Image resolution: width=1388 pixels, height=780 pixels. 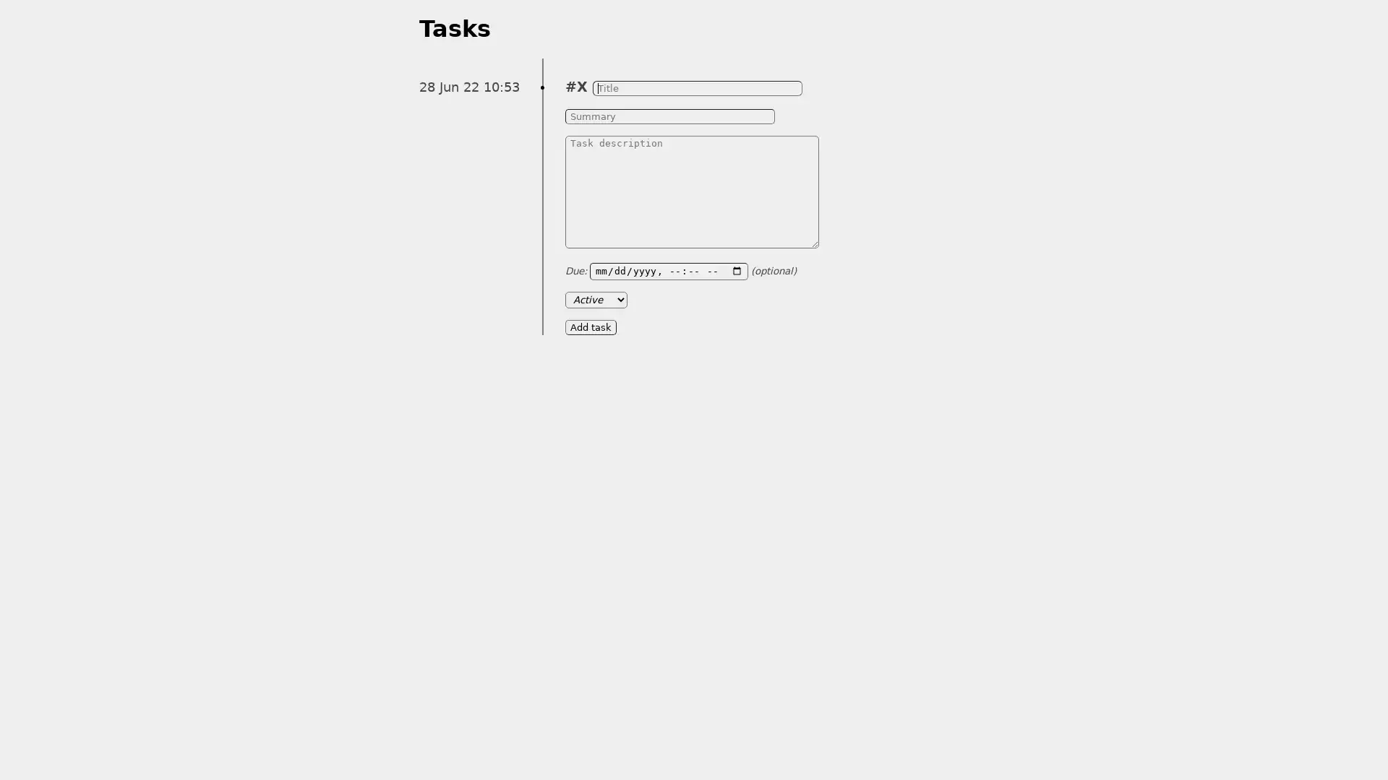 I want to click on Add task, so click(x=591, y=326).